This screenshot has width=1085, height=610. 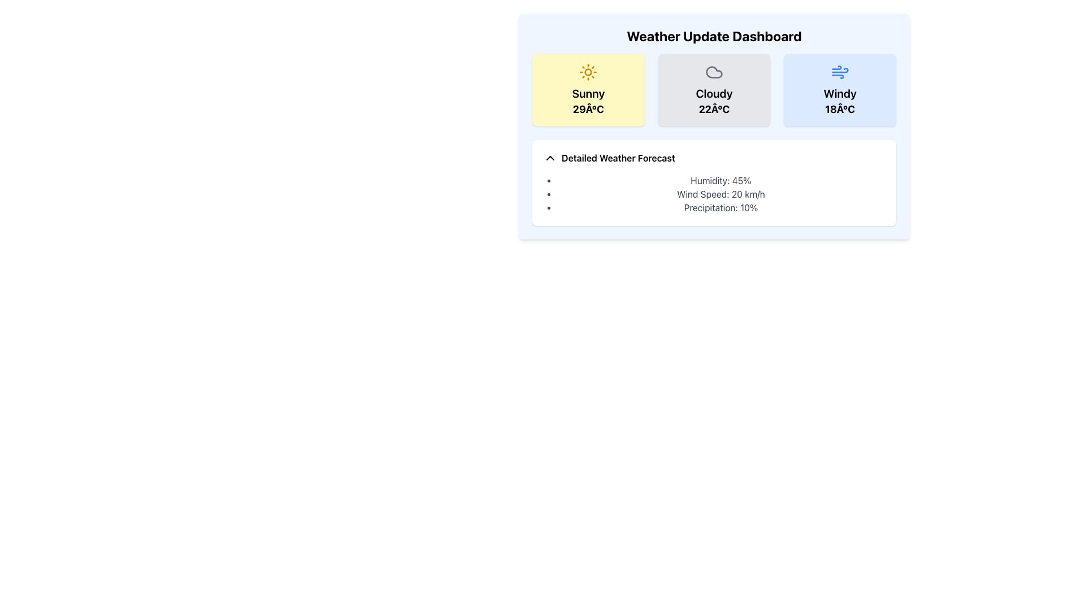 I want to click on the sun icon located at the top-center of the 'Sunny 29°C' weather card, which is styled with a yellow color and has radiating lines, so click(x=588, y=72).